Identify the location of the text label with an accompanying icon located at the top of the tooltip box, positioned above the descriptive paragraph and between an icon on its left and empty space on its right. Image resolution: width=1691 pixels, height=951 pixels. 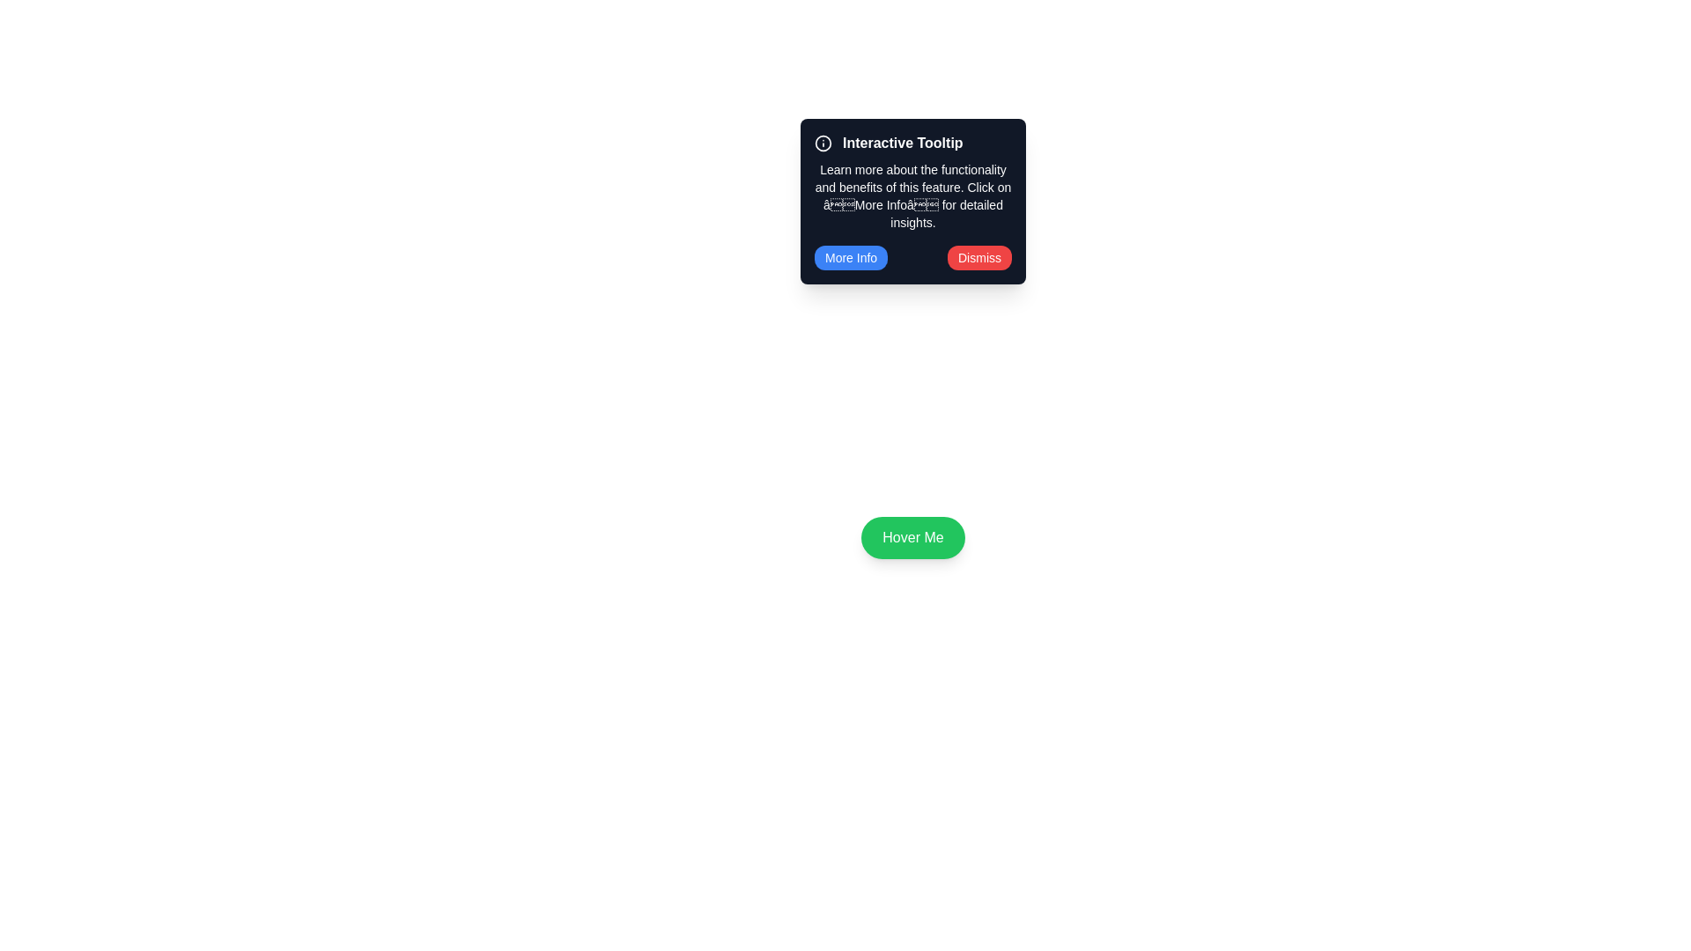
(912, 142).